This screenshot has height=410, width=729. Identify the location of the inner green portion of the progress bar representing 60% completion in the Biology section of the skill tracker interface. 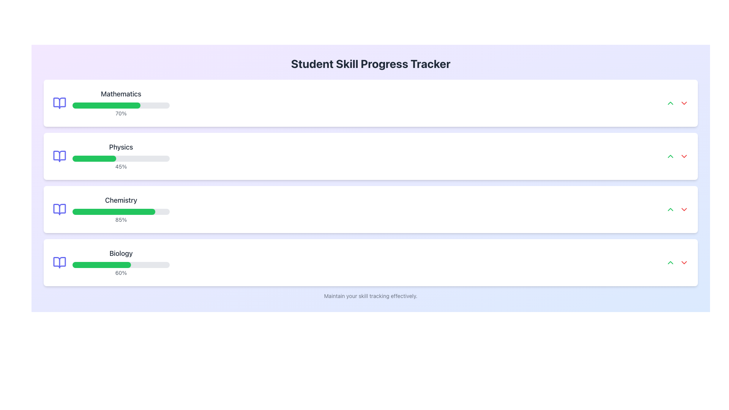
(101, 265).